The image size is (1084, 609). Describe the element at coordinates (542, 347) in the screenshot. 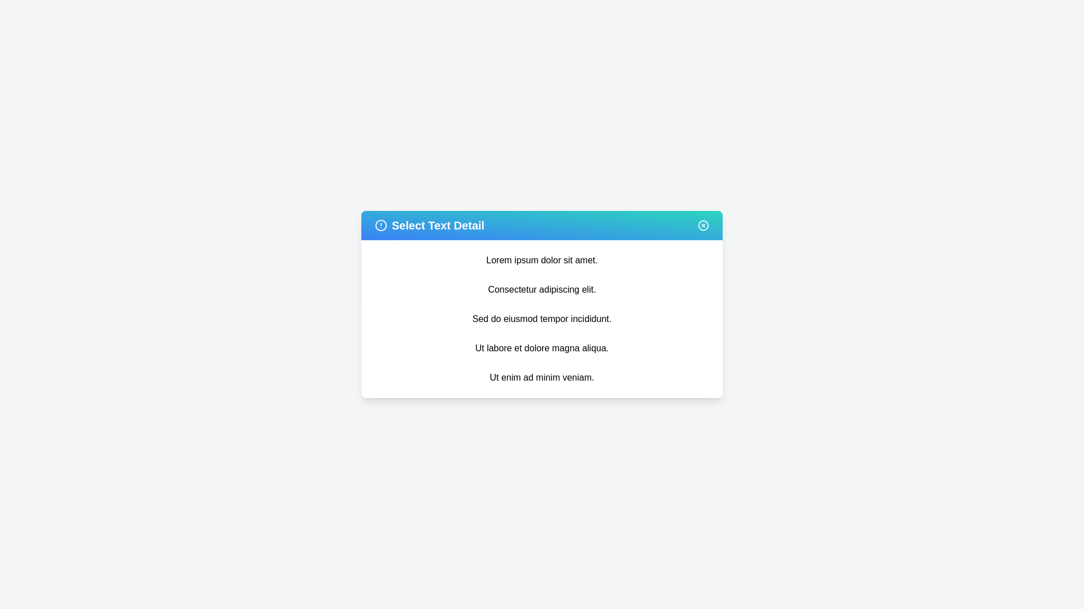

I see `the text item 'Ut labore et dolore magna aliqua.' from the list` at that location.